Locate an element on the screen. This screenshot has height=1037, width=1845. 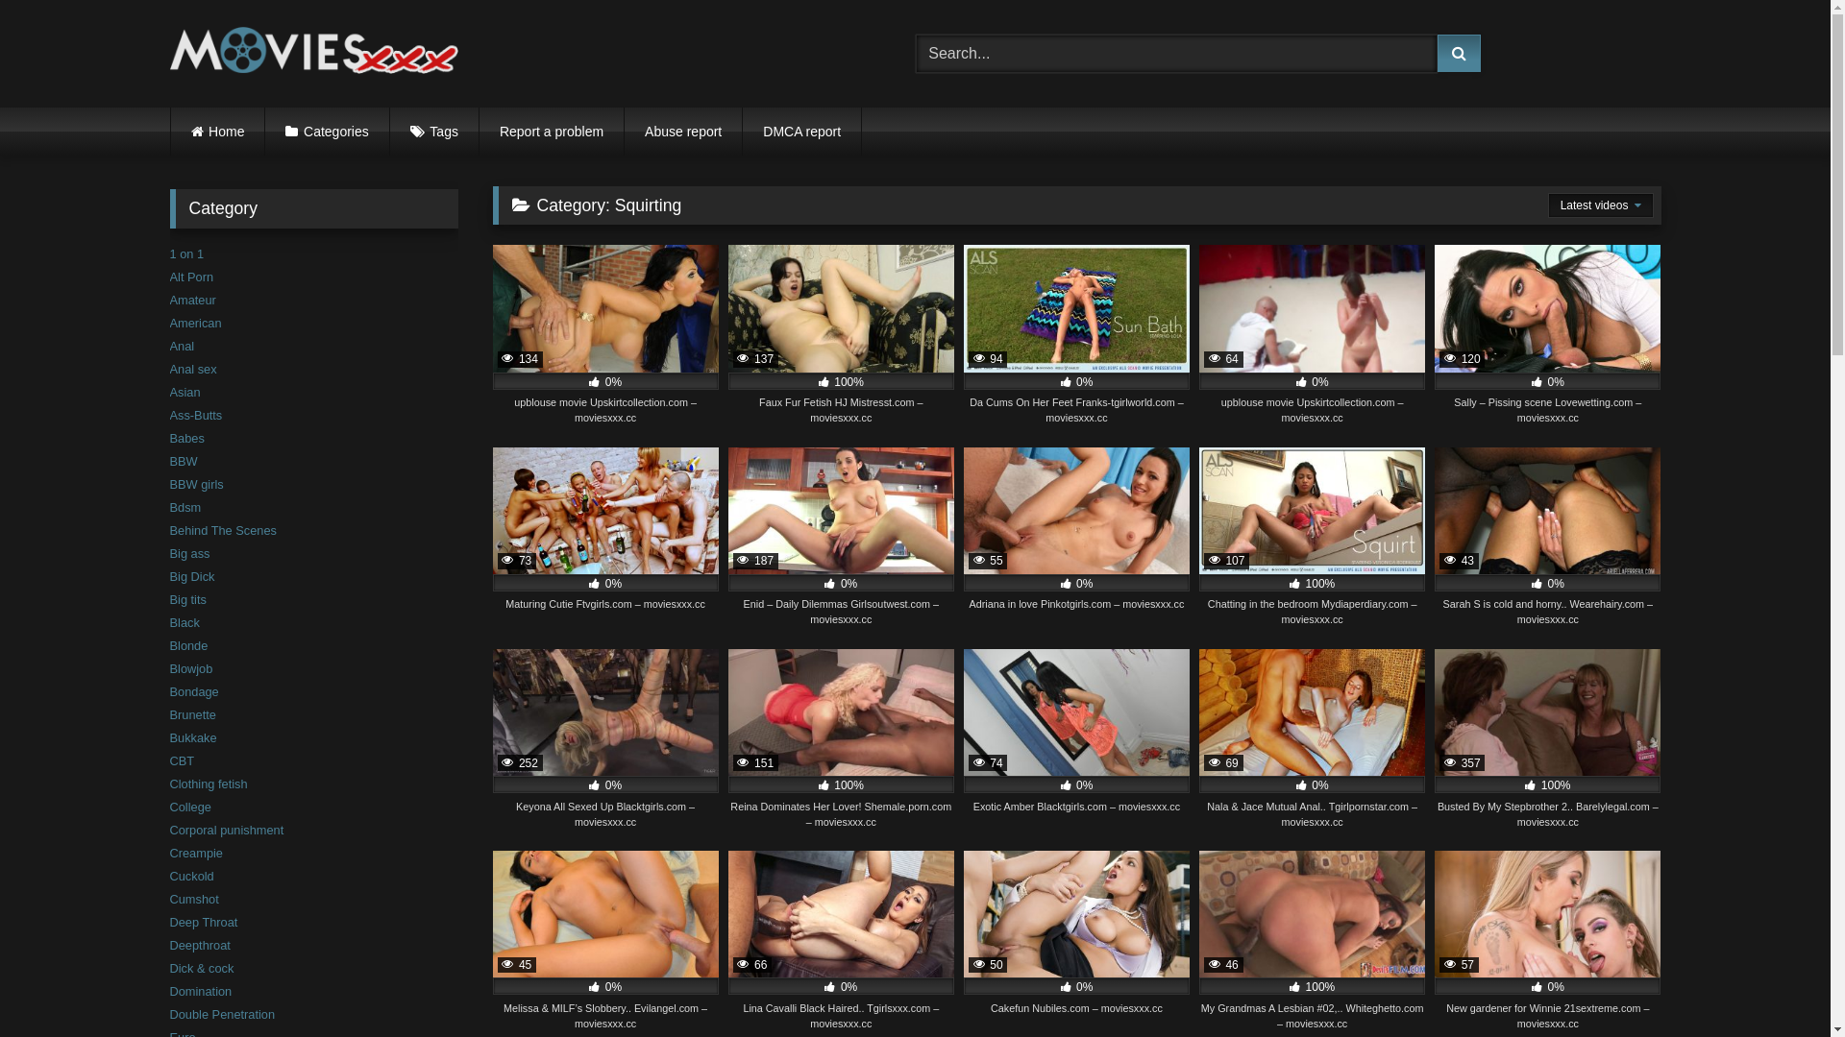
'Anal sex' is located at coordinates (192, 369).